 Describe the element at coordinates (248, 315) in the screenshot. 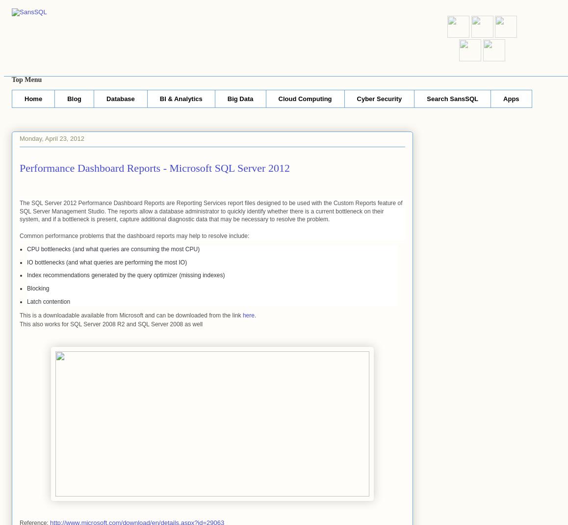

I see `'here'` at that location.